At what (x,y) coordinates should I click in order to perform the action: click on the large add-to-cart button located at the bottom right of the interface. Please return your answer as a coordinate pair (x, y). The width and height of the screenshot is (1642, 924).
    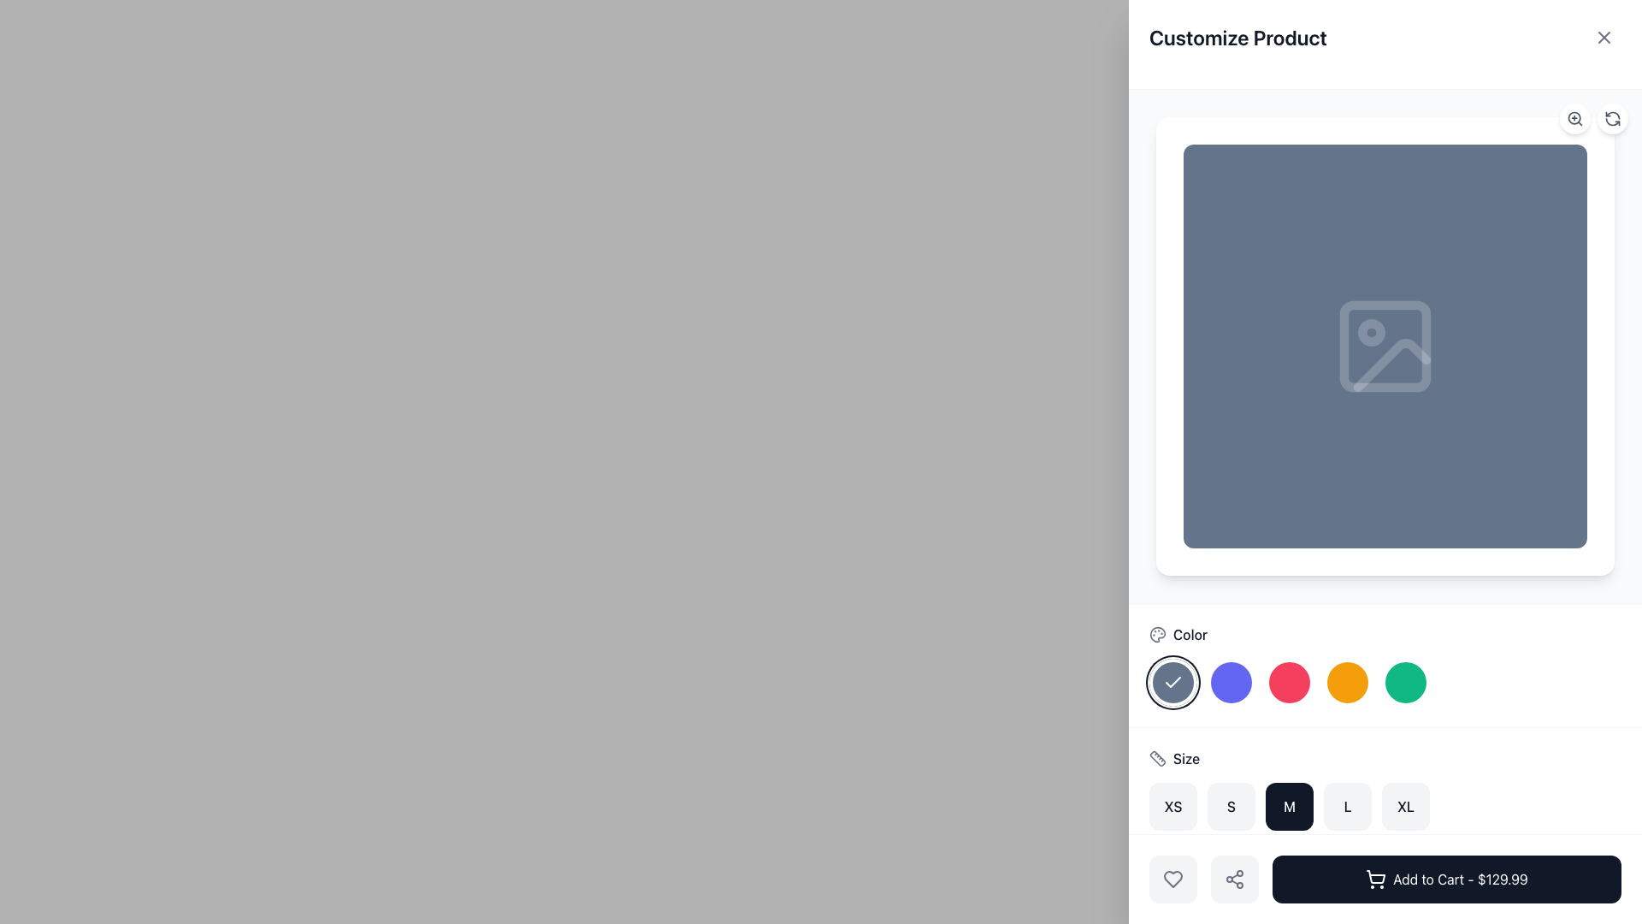
    Looking at the image, I should click on (1385, 880).